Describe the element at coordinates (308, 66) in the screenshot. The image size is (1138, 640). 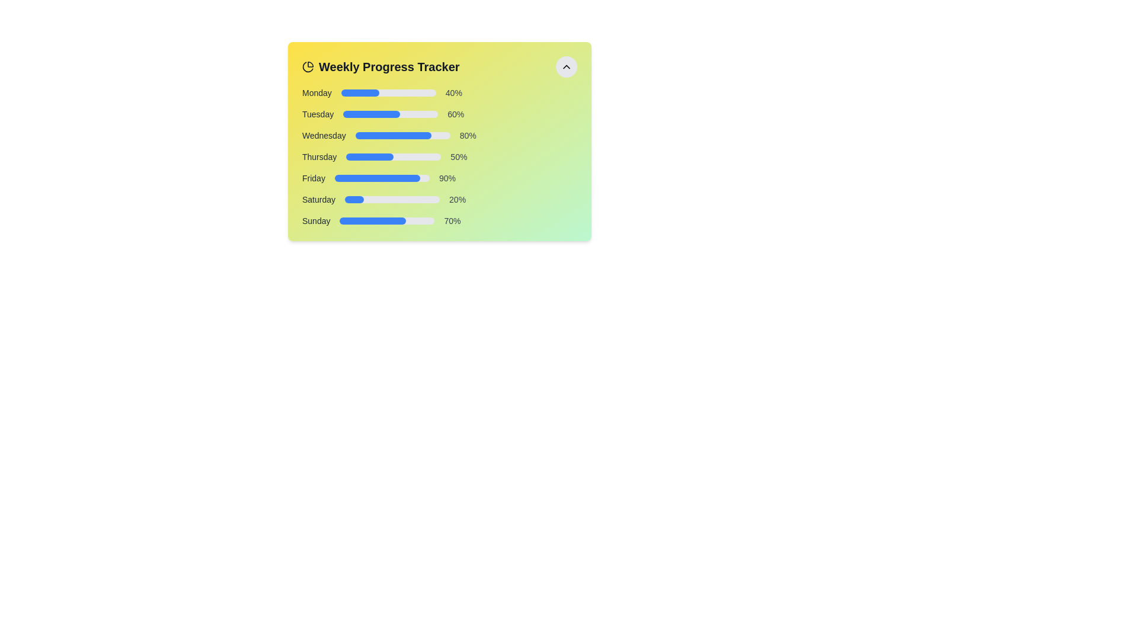
I see `the decorative or indicative icon representing data visualization or progress tracking located in the header section of the 'Weekly Progress Tracker', positioned to the left of the title text` at that location.